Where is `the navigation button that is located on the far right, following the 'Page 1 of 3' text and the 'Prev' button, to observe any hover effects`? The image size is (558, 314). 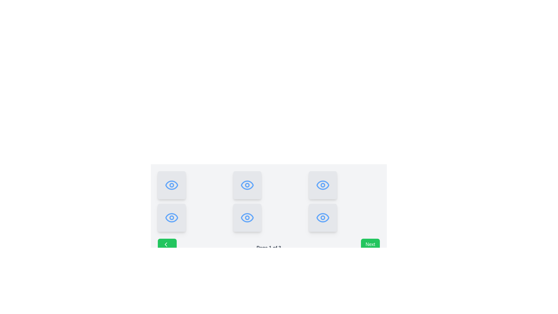
the navigation button that is located on the far right, following the 'Page 1 of 3' text and the 'Prev' button, to observe any hover effects is located at coordinates (370, 248).